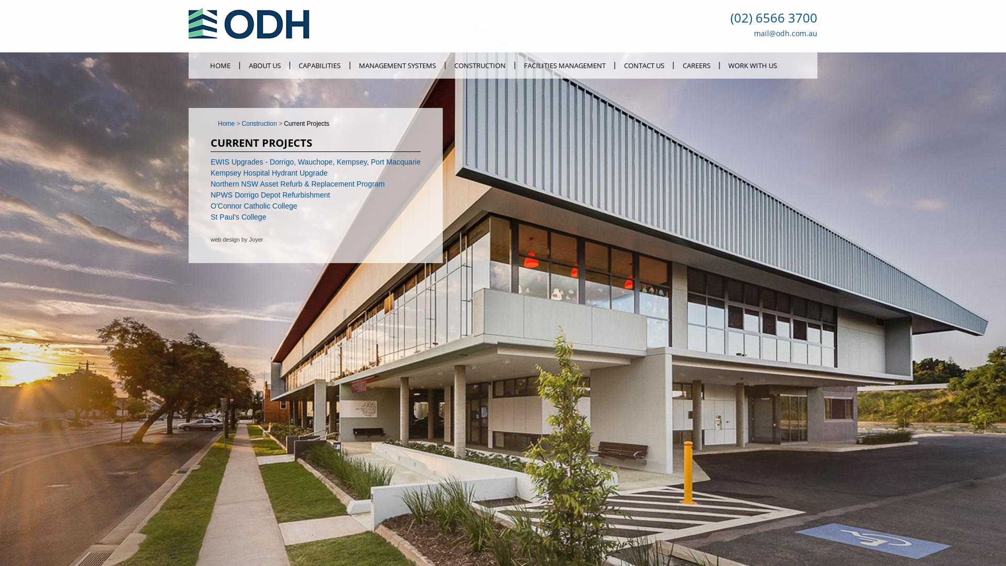 This screenshot has height=566, width=1006. What do you see at coordinates (263, 123) in the screenshot?
I see `'Construction'` at bounding box center [263, 123].